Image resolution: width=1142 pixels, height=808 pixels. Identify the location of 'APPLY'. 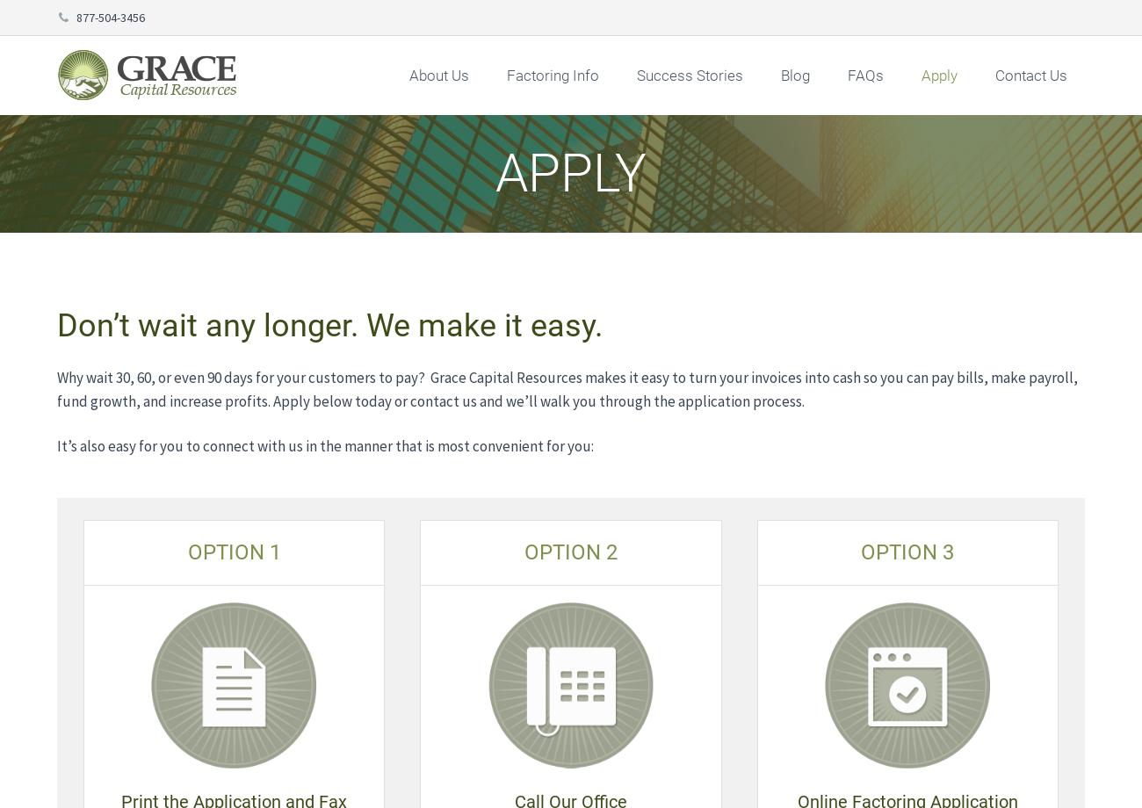
(571, 172).